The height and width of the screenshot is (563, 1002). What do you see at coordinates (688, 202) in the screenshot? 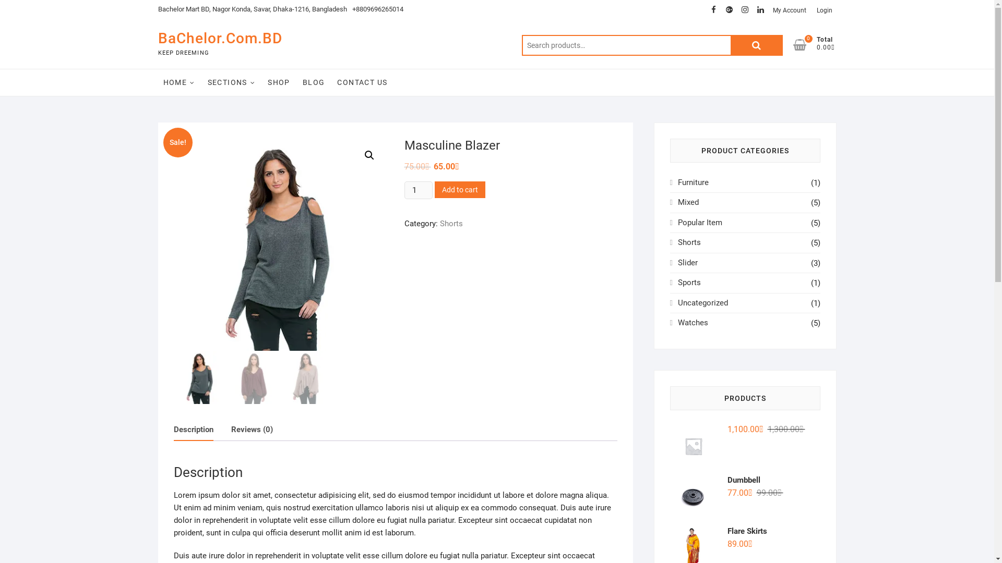
I see `'Mixed'` at bounding box center [688, 202].